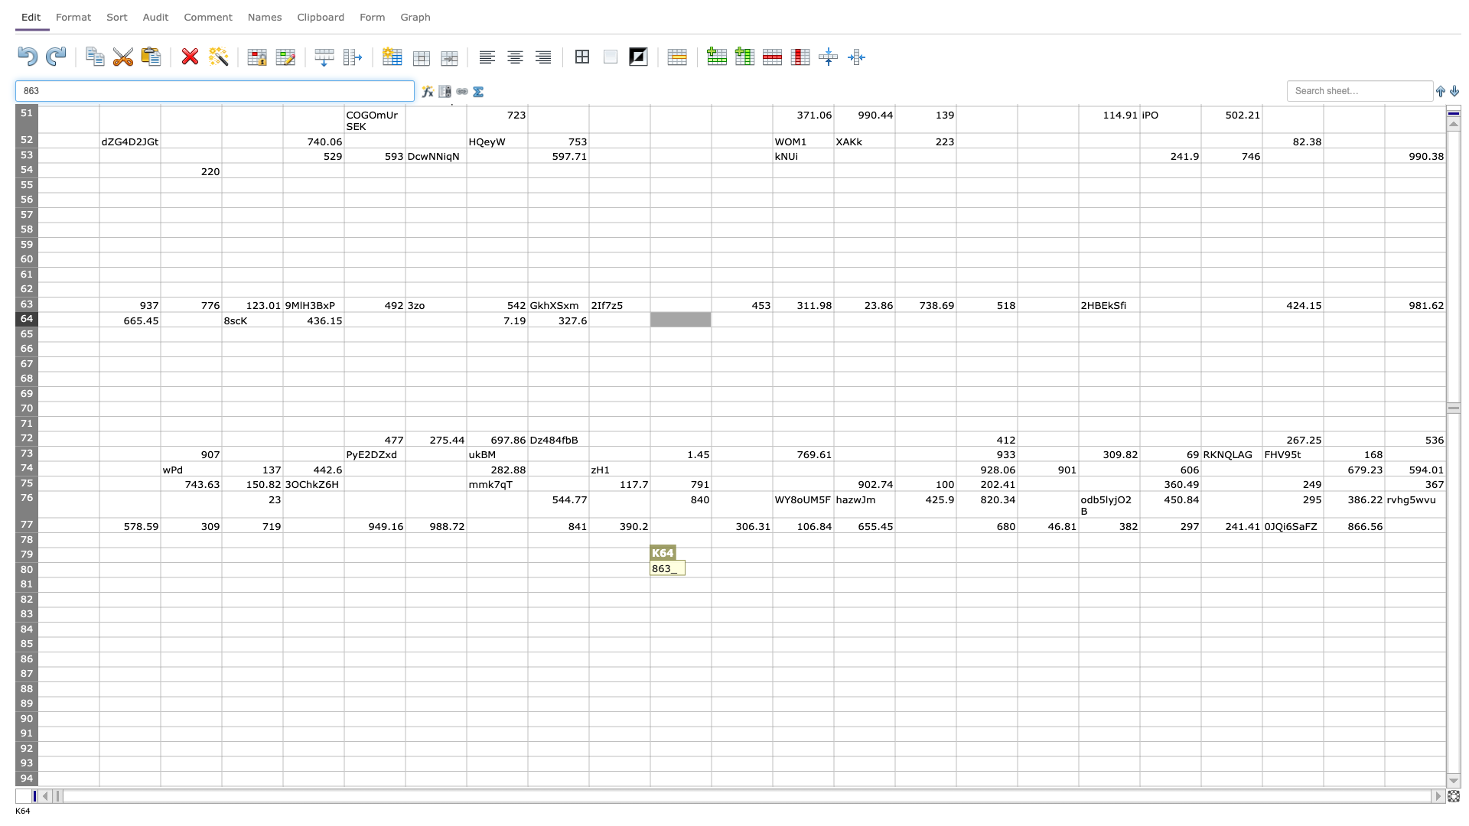 The width and height of the screenshot is (1469, 826). What do you see at coordinates (772, 562) in the screenshot?
I see `top left corner of cell M80` at bounding box center [772, 562].